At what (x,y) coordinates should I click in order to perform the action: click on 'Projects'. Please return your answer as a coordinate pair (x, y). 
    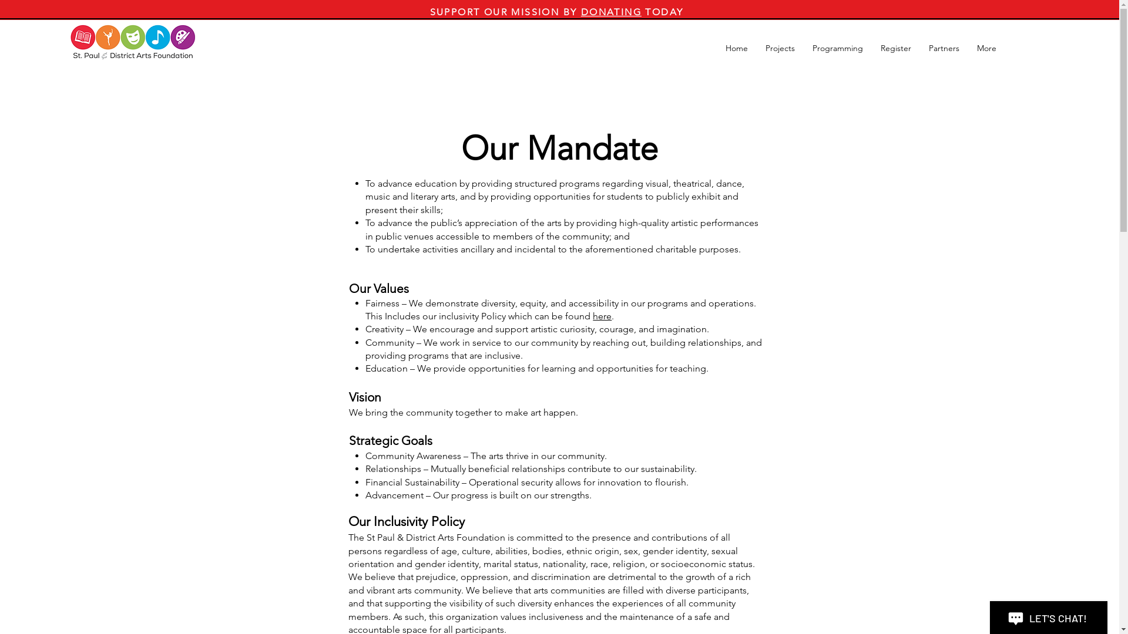
    Looking at the image, I should click on (780, 47).